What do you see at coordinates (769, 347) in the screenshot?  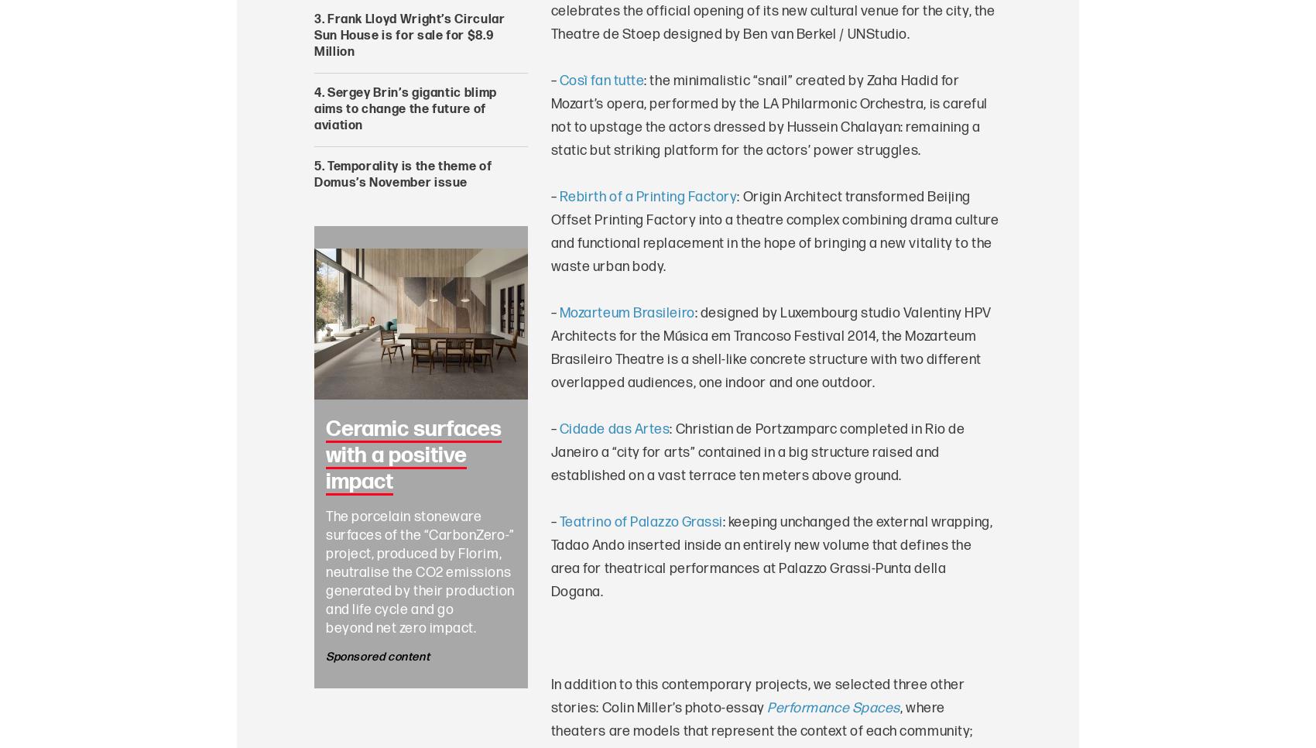 I see `': designed by Luxembourg studio Valentiny HPV Architects for the Música em Trancoso Festival 2014, the Mozarteum Brasileiro Theatre is a shell-like concrete structure with two different overlapped audiences, one indoor and one outdoor.'` at bounding box center [769, 347].